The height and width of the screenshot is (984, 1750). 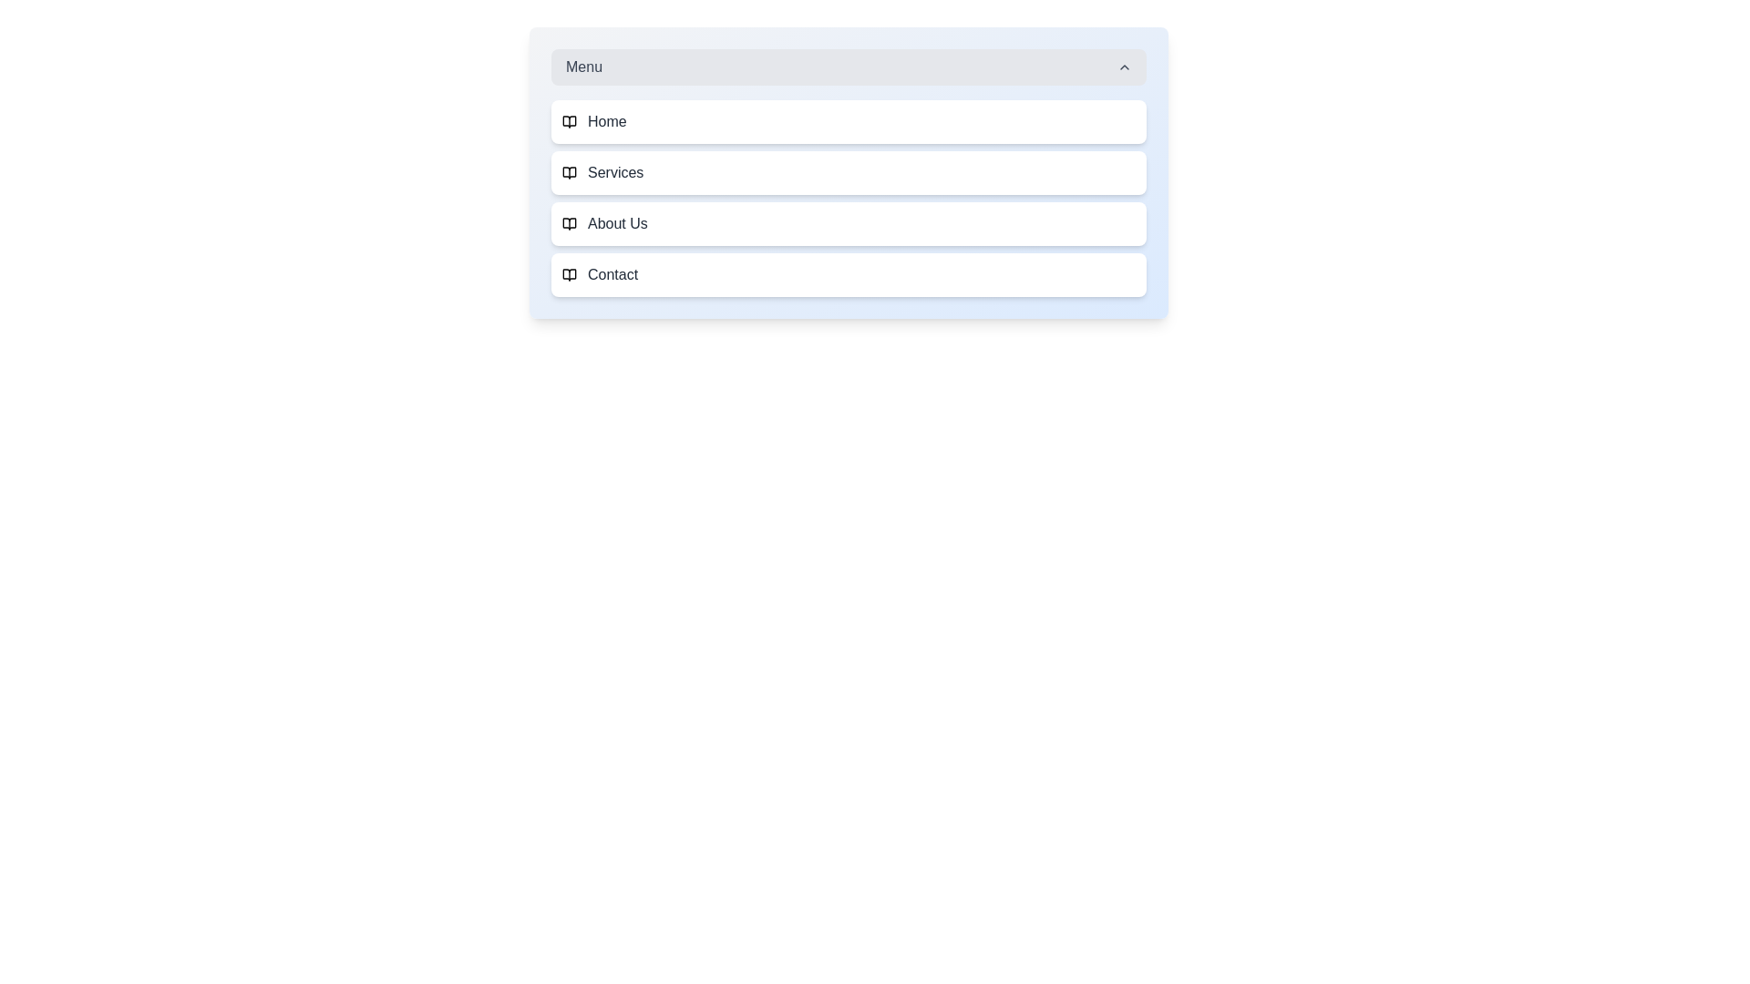 What do you see at coordinates (848, 172) in the screenshot?
I see `the second button in the vertically stacked menu, located below the 'Home' button and above the 'About Us' button` at bounding box center [848, 172].